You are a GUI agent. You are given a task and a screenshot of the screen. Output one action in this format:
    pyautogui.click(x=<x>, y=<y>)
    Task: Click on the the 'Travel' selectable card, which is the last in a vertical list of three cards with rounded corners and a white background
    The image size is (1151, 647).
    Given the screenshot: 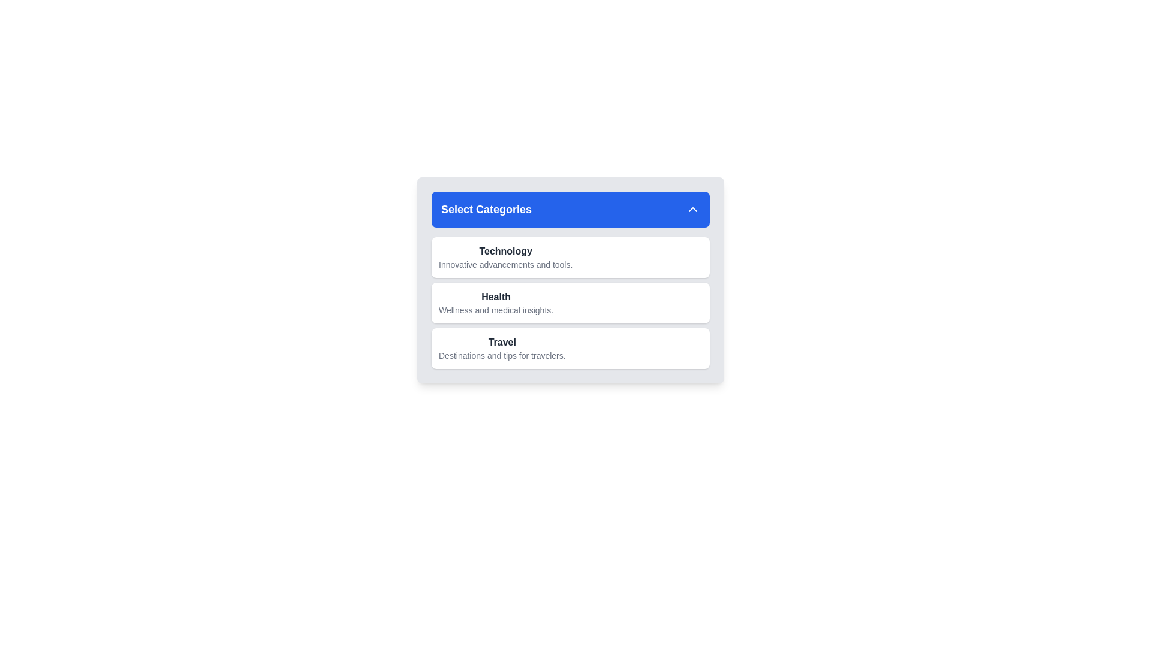 What is the action you would take?
    pyautogui.click(x=570, y=349)
    